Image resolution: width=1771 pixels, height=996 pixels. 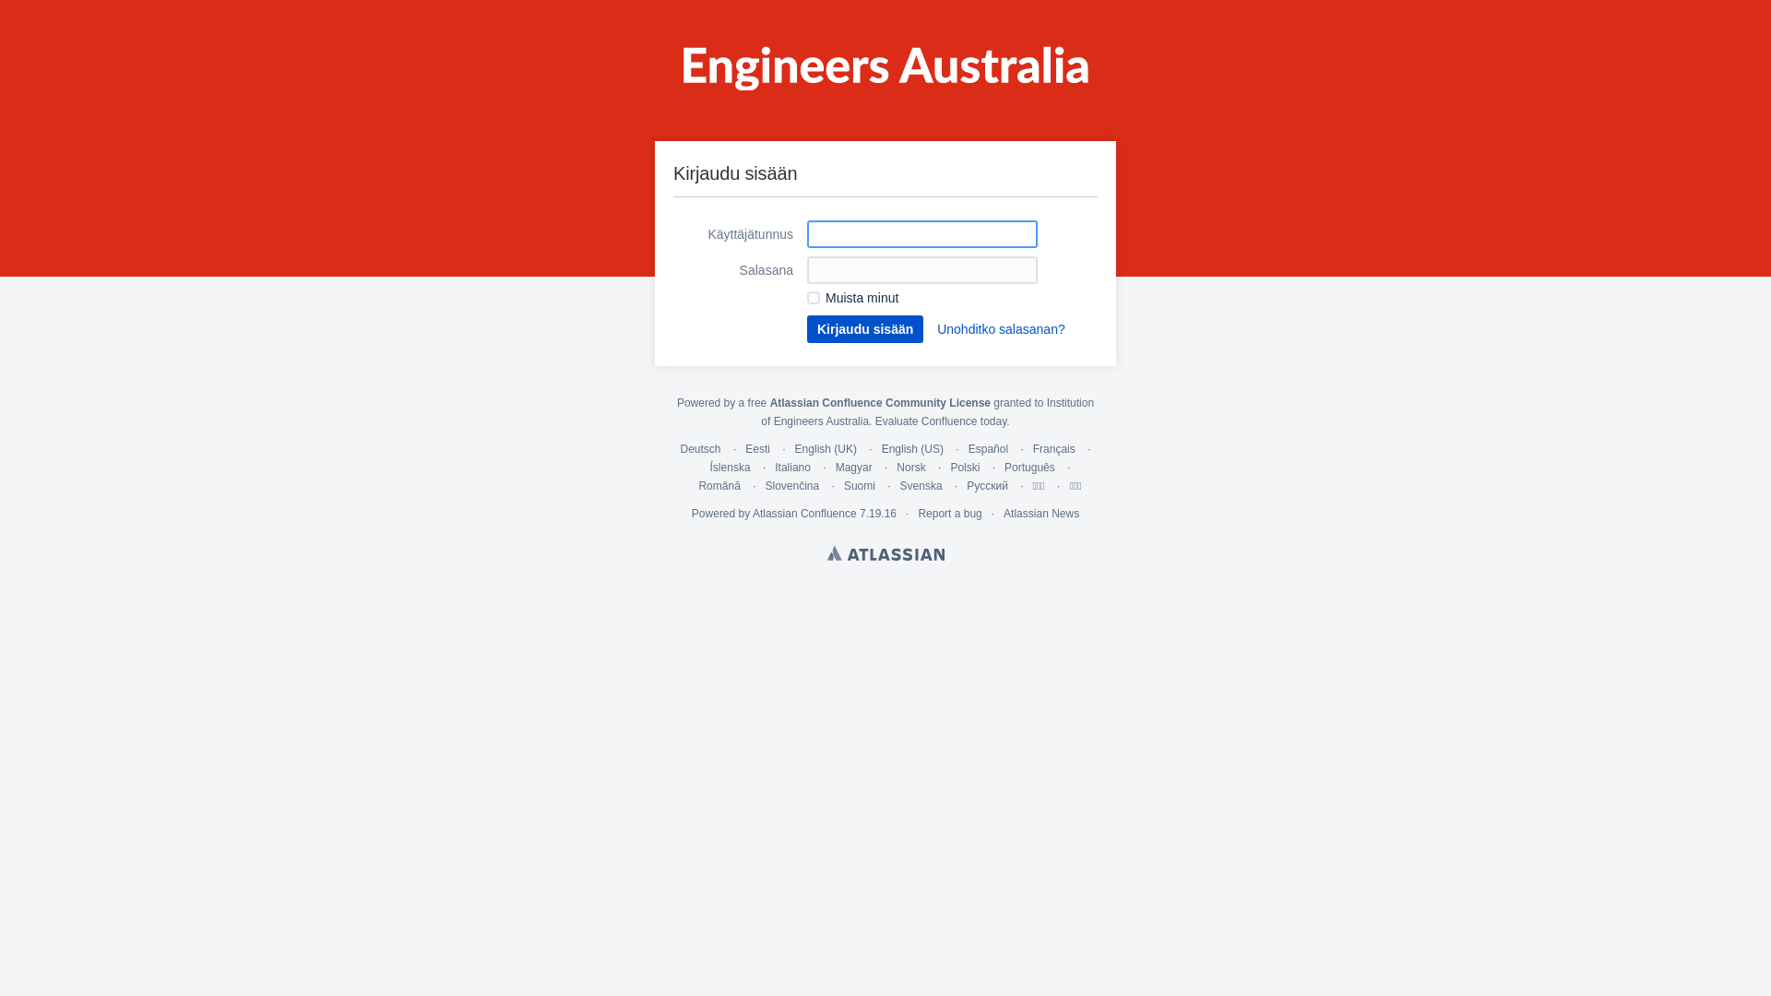 What do you see at coordinates (825, 448) in the screenshot?
I see `'English (UK)'` at bounding box center [825, 448].